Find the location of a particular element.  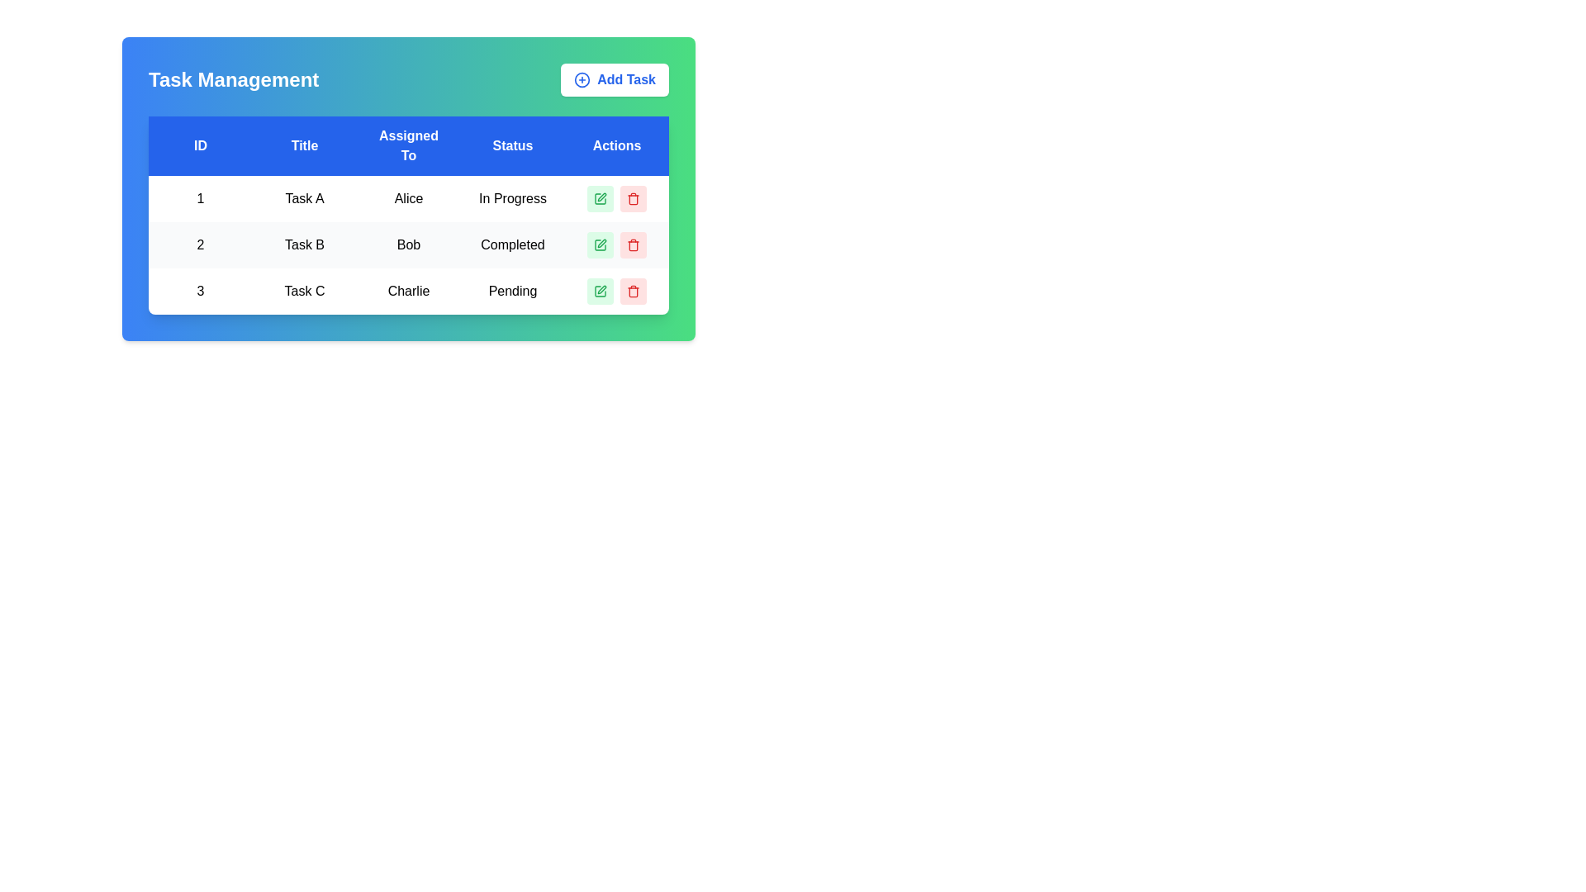

the green pen icon button in the 'Actions' column of the first row in the 'Task Management' table is located at coordinates (599, 197).